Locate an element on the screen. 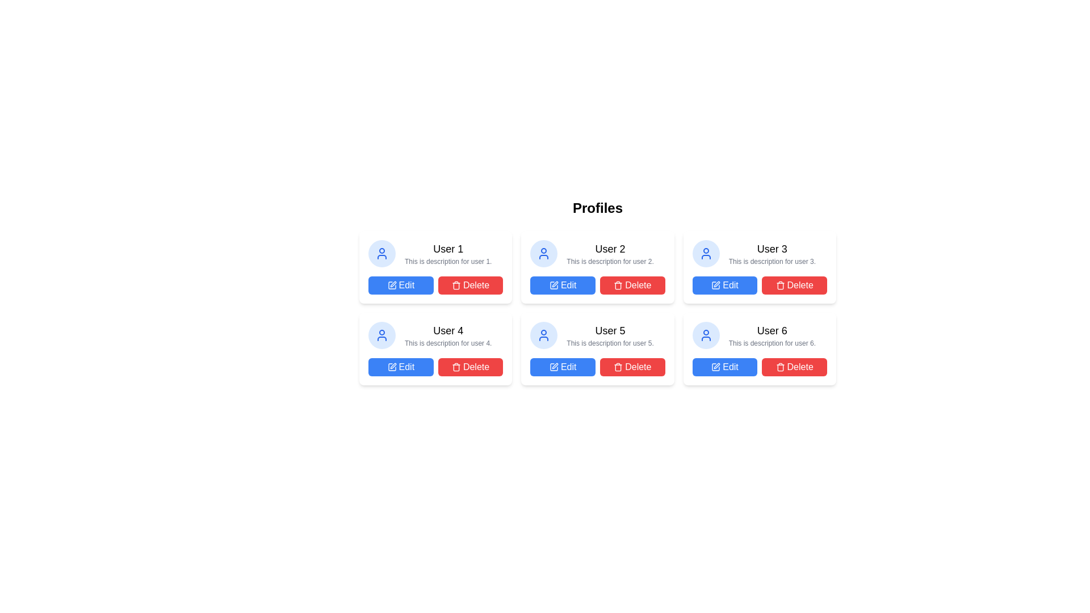  text content of the Text block displaying 'User 6' and its description located in the bottom-right corner of the sixth profile card is located at coordinates (772, 334).